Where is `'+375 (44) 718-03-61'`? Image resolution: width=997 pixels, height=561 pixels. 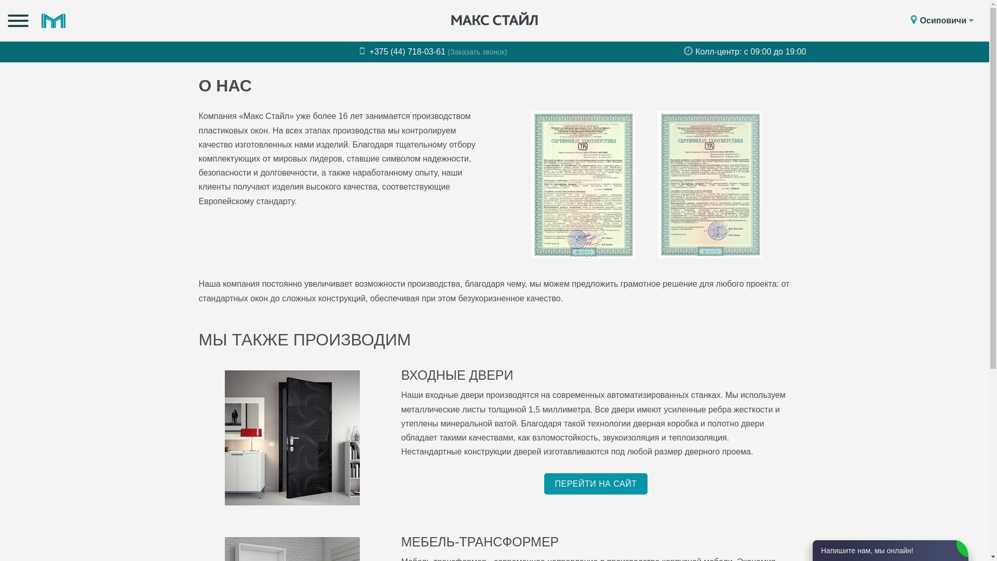 '+375 (44) 718-03-61' is located at coordinates (403, 51).